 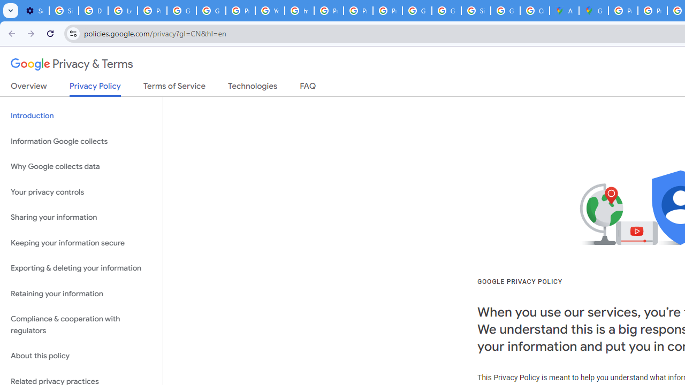 What do you see at coordinates (593, 11) in the screenshot?
I see `'Google Maps'` at bounding box center [593, 11].